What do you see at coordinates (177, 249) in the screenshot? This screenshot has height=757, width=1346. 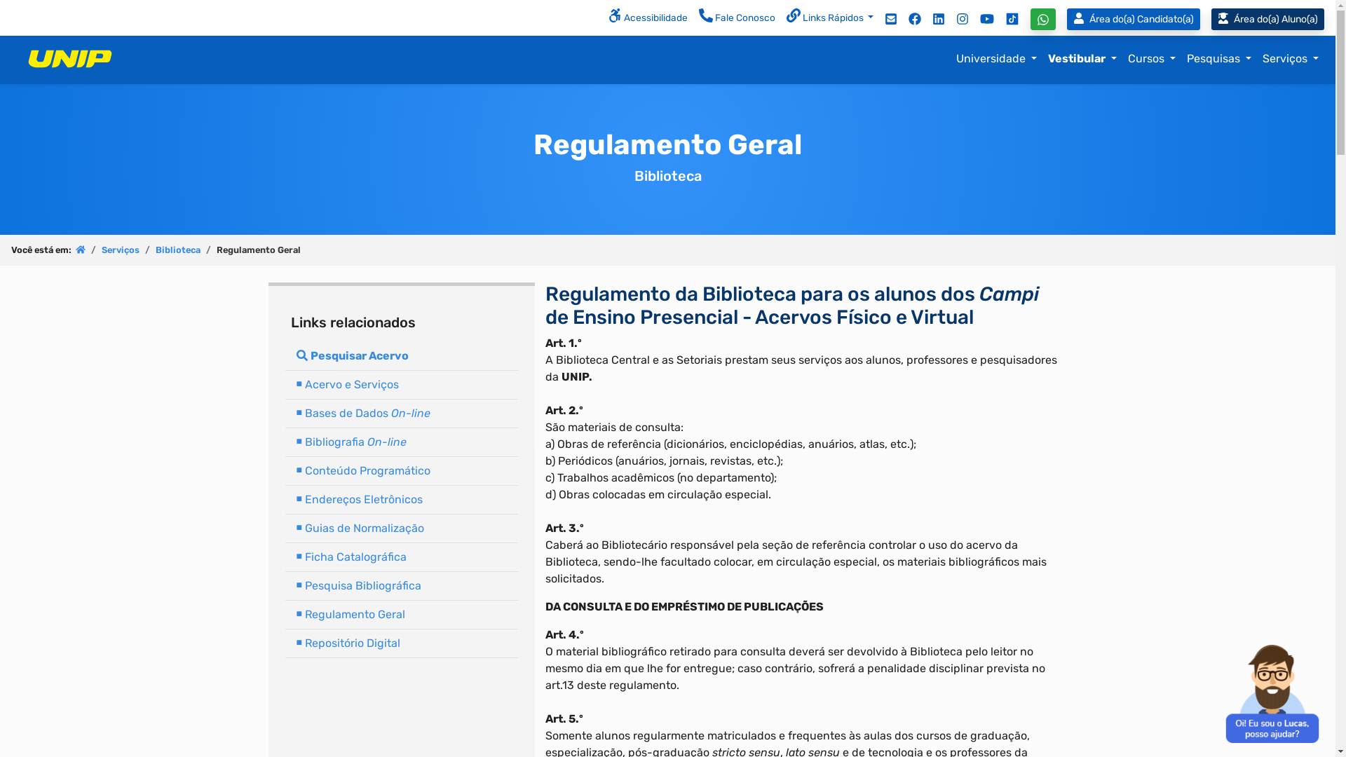 I see `'Biblioteca'` at bounding box center [177, 249].